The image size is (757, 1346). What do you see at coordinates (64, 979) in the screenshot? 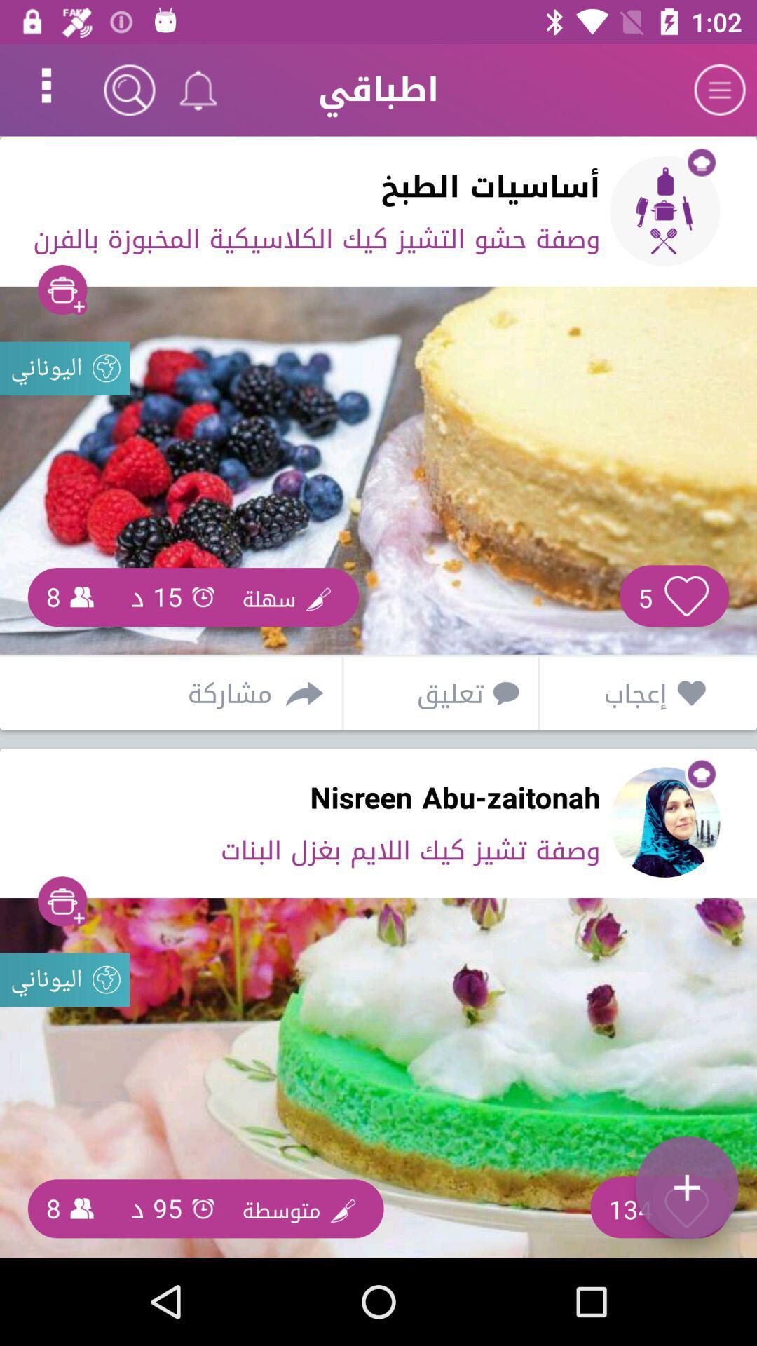
I see `the item above 8 item` at bounding box center [64, 979].